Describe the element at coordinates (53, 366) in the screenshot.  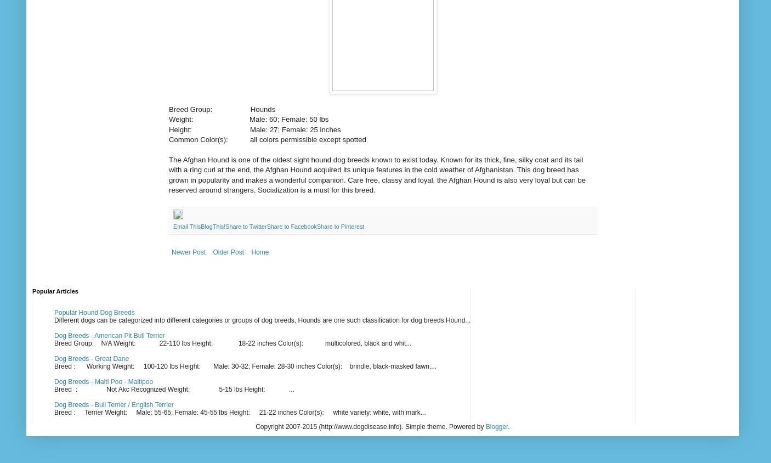
I see `'Breed :      Working  Weight:     100-120 lbs  Height:       Male: 30-32; Female: 28-30 inches  Color(s):    brindle, black-masked fawn,...'` at that location.